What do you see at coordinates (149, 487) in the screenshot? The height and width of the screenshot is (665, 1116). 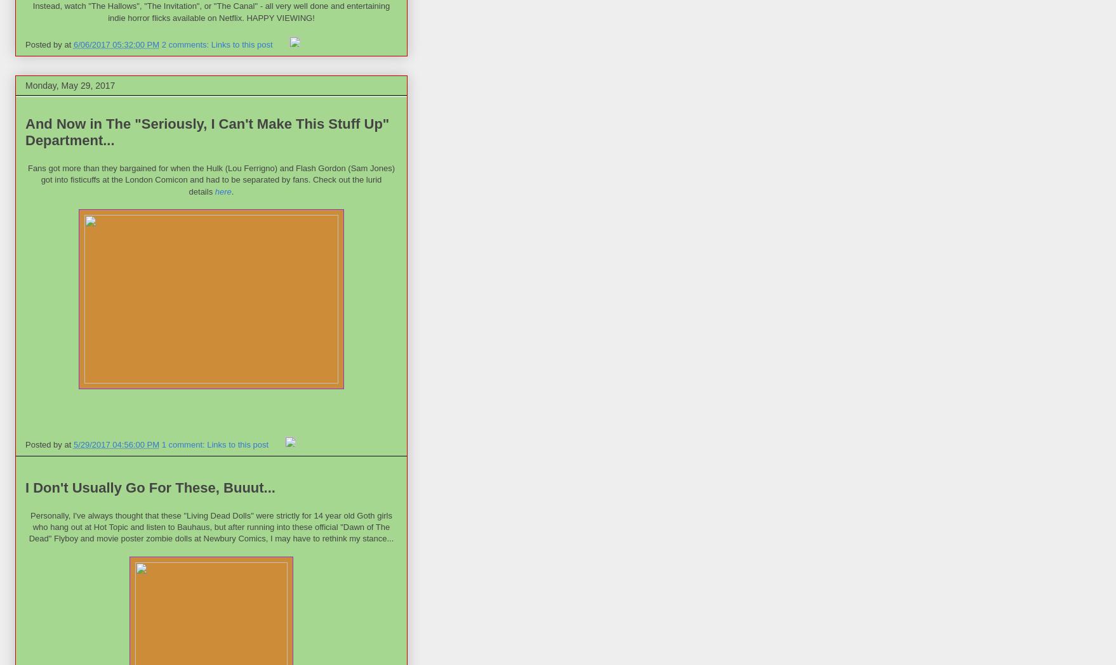 I see `'I Don't Usually Go For These, Buuut...'` at bounding box center [149, 487].